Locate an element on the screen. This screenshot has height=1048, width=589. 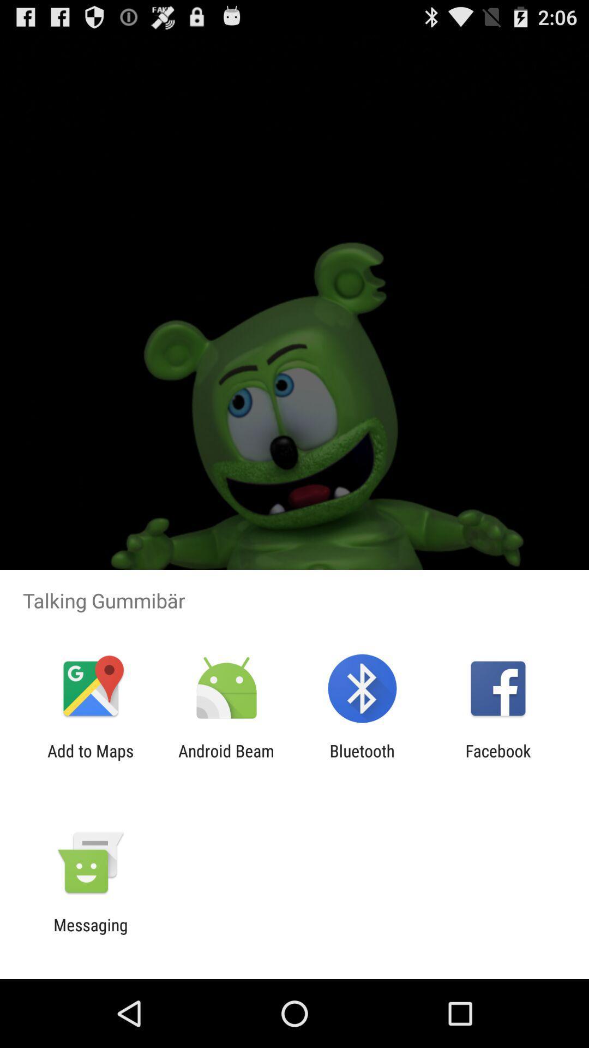
the add to maps app is located at coordinates (90, 760).